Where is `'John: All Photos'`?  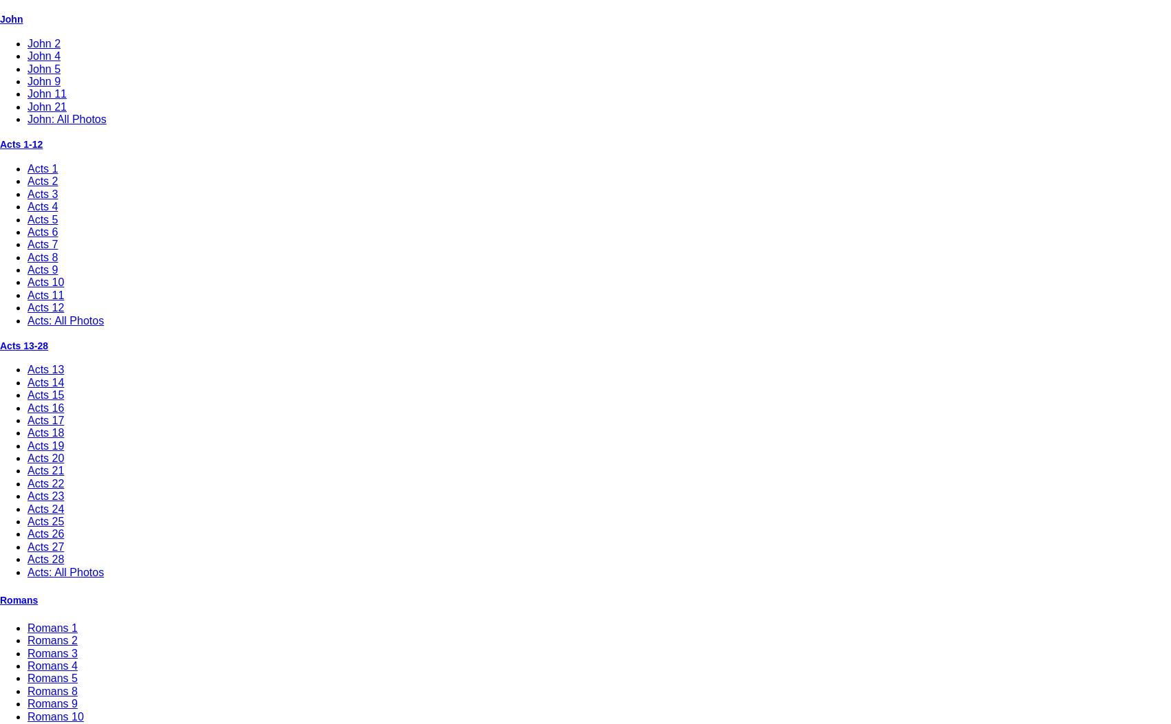 'John: All Photos' is located at coordinates (67, 118).